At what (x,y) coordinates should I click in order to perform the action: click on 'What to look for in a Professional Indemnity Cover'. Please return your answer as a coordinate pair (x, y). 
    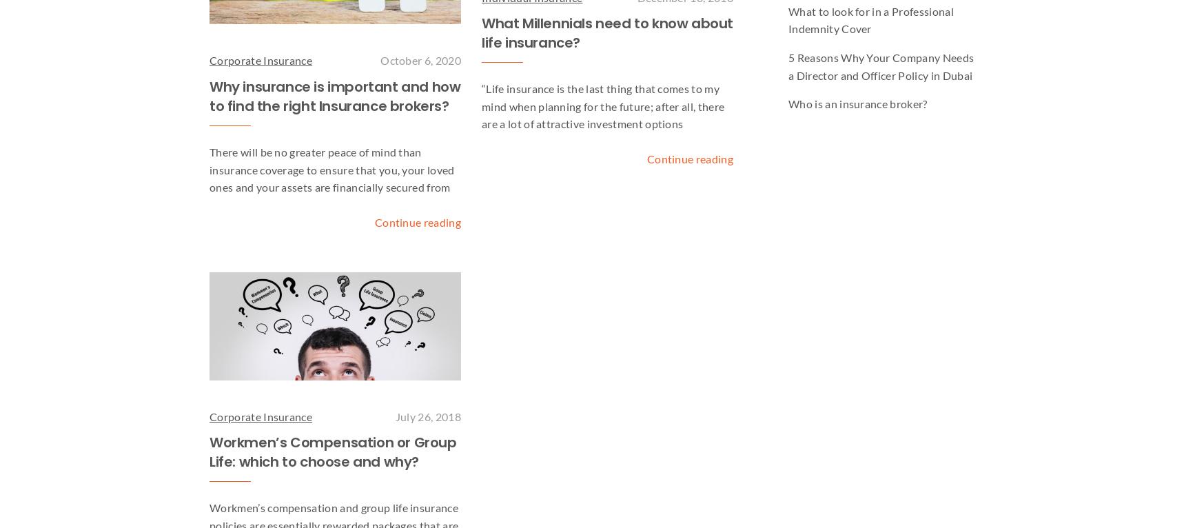
    Looking at the image, I should click on (870, 19).